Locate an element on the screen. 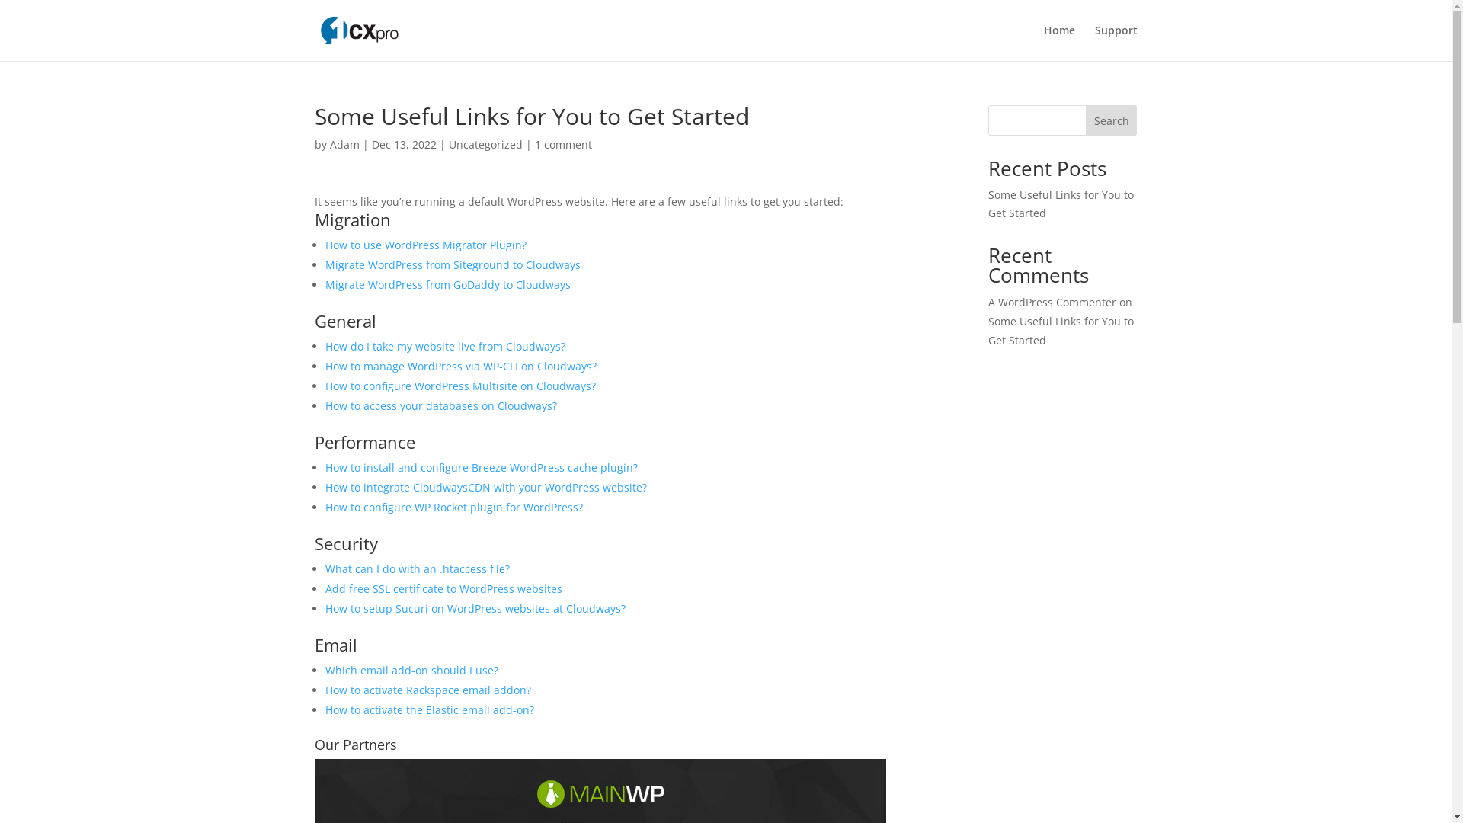 This screenshot has width=1463, height=823. 'How to setup Sucuri on WordPress websites at Cloudways?' is located at coordinates (474, 607).